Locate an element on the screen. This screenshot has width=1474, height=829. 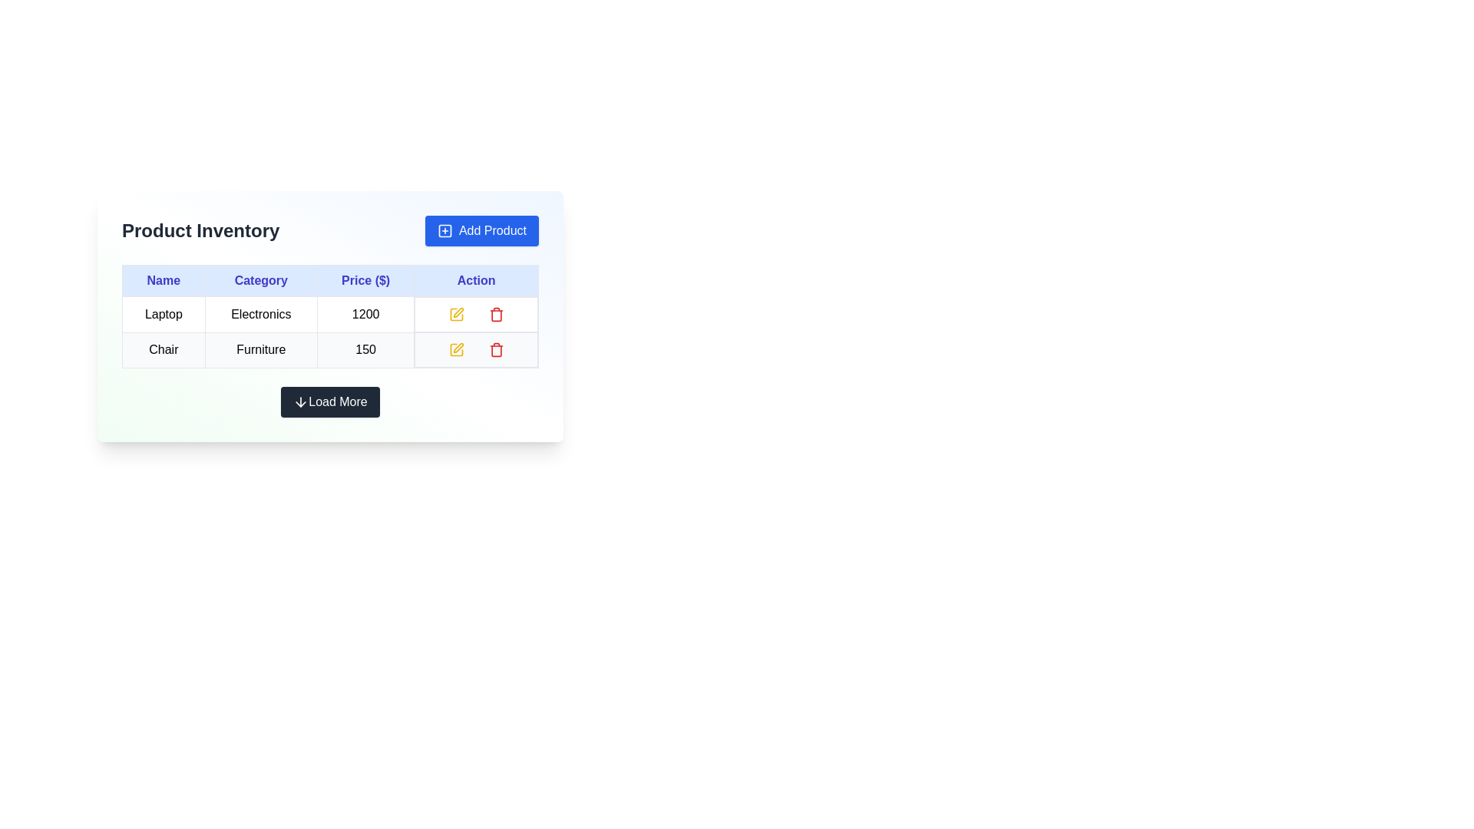
the icon indicating the interactive purpose of adding a new product, located to the left of the 'Add Product' text inside a blue button in the top-right corner of the interface is located at coordinates (445, 230).